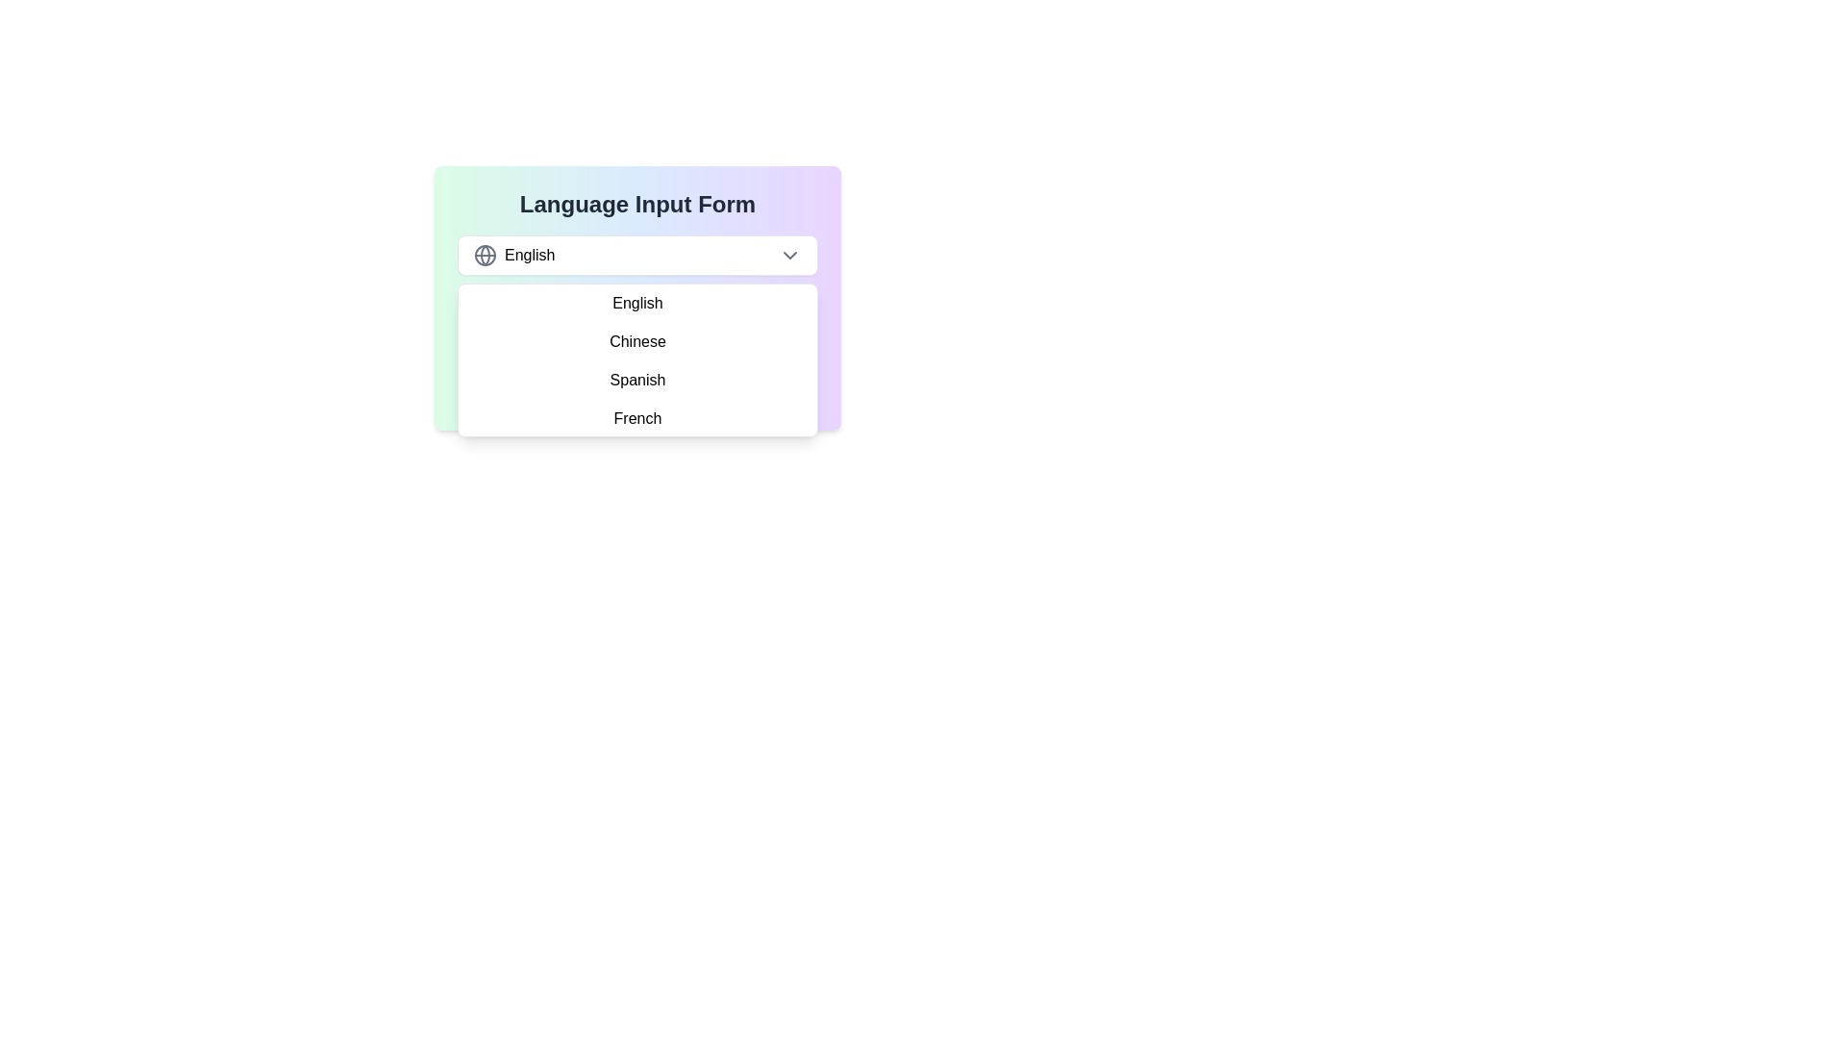 This screenshot has width=1846, height=1038. I want to click on the list item displaying the text 'Chinese' in black font within the dropdown menu, so click(637, 340).